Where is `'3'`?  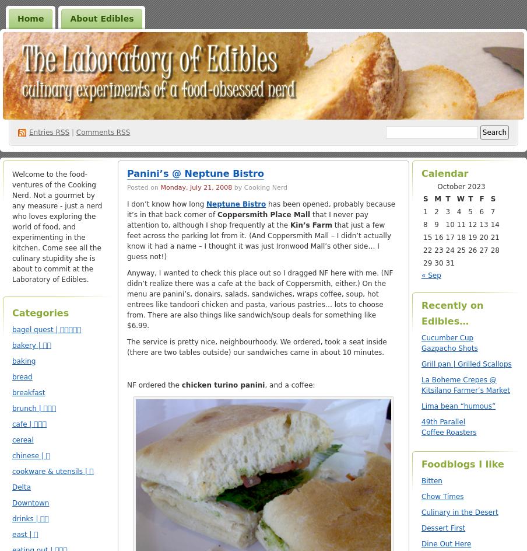 '3' is located at coordinates (448, 211).